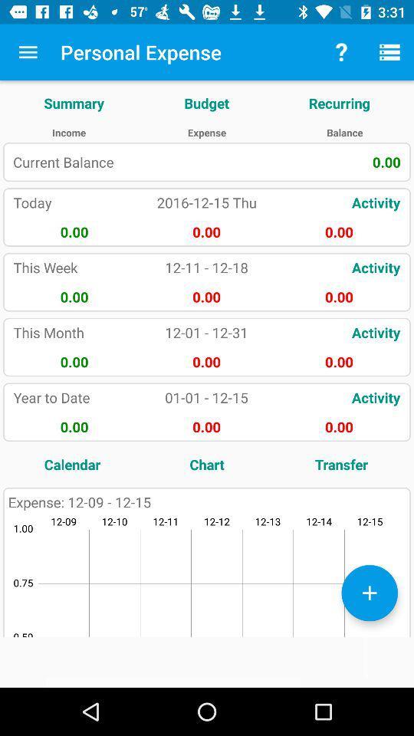 The image size is (414, 736). What do you see at coordinates (341, 463) in the screenshot?
I see `item below the 0.00 icon` at bounding box center [341, 463].